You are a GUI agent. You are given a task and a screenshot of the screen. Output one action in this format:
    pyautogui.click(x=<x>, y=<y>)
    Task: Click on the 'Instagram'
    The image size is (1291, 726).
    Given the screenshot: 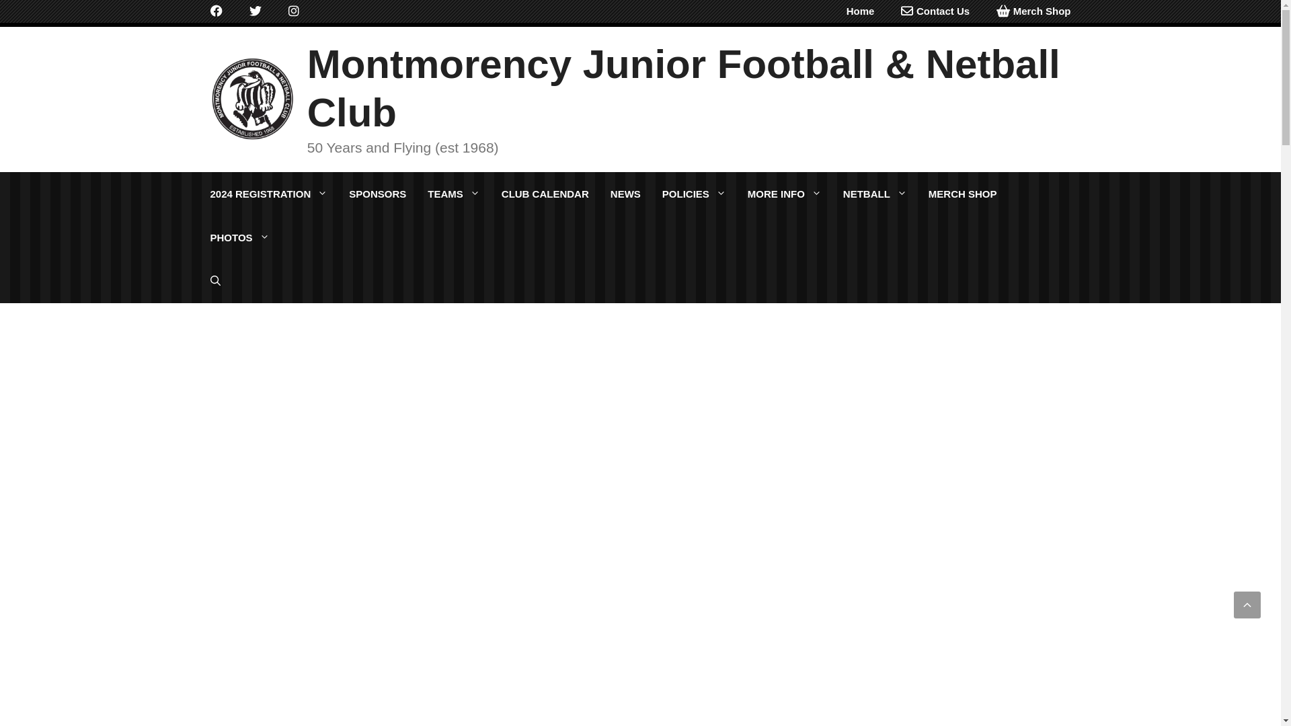 What is the action you would take?
    pyautogui.click(x=292, y=11)
    